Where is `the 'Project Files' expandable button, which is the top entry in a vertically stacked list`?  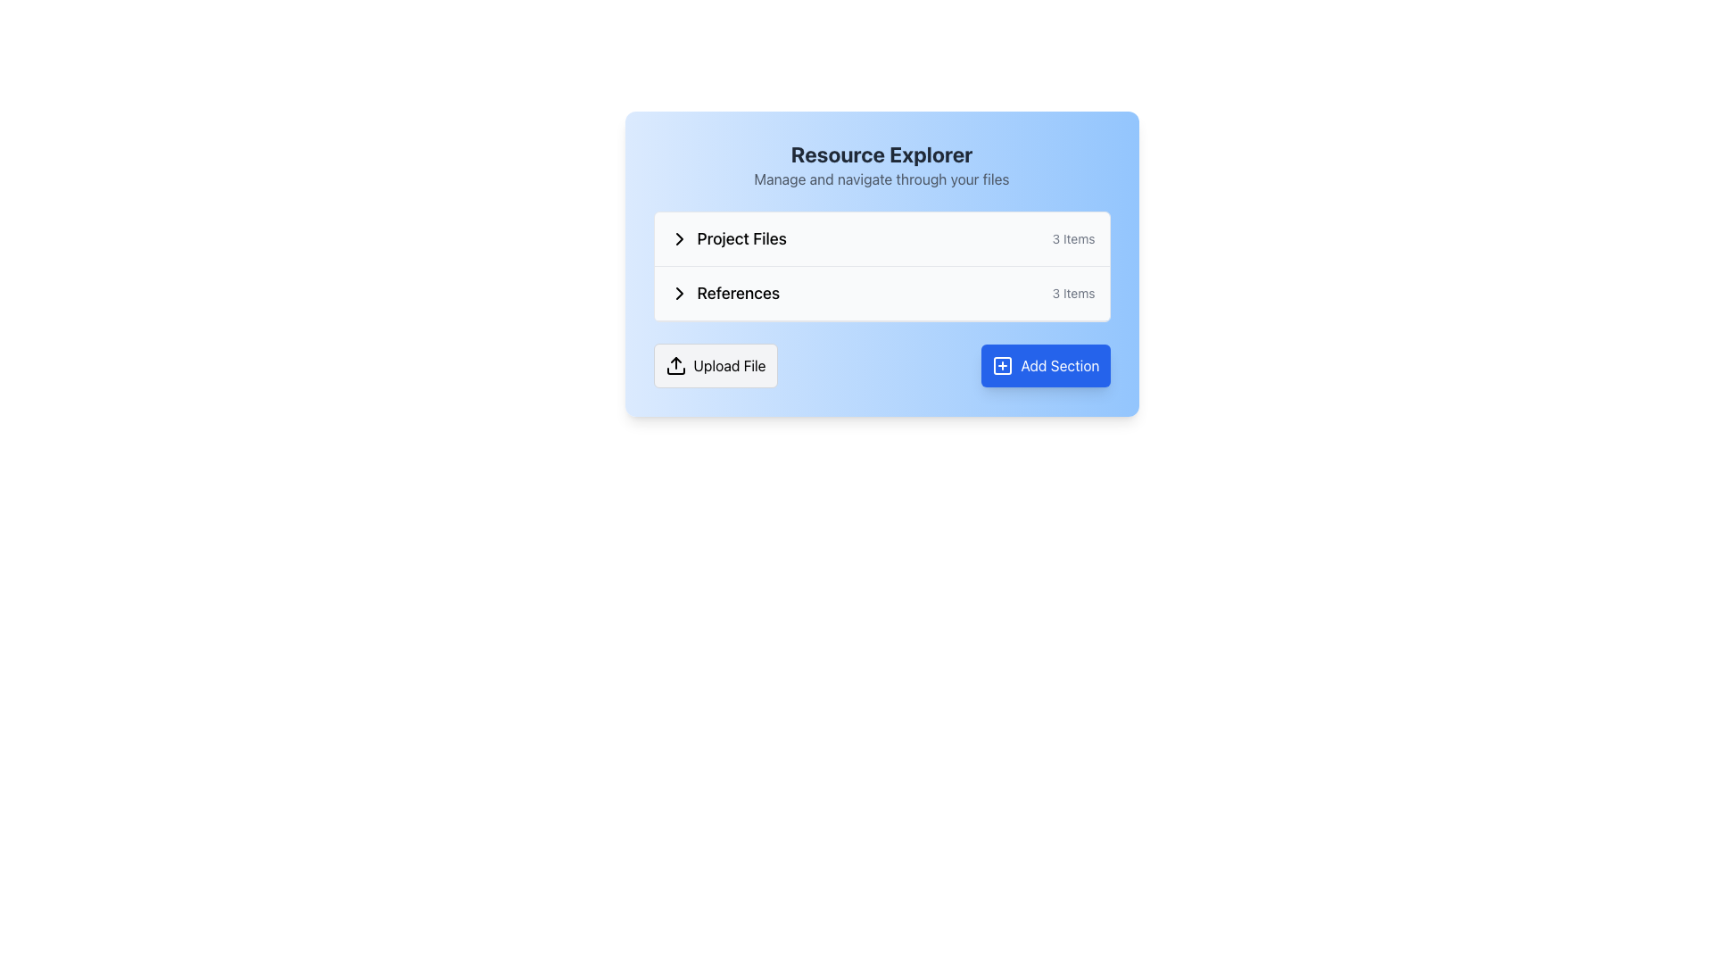
the 'Project Files' expandable button, which is the top entry in a vertically stacked list is located at coordinates (881, 238).